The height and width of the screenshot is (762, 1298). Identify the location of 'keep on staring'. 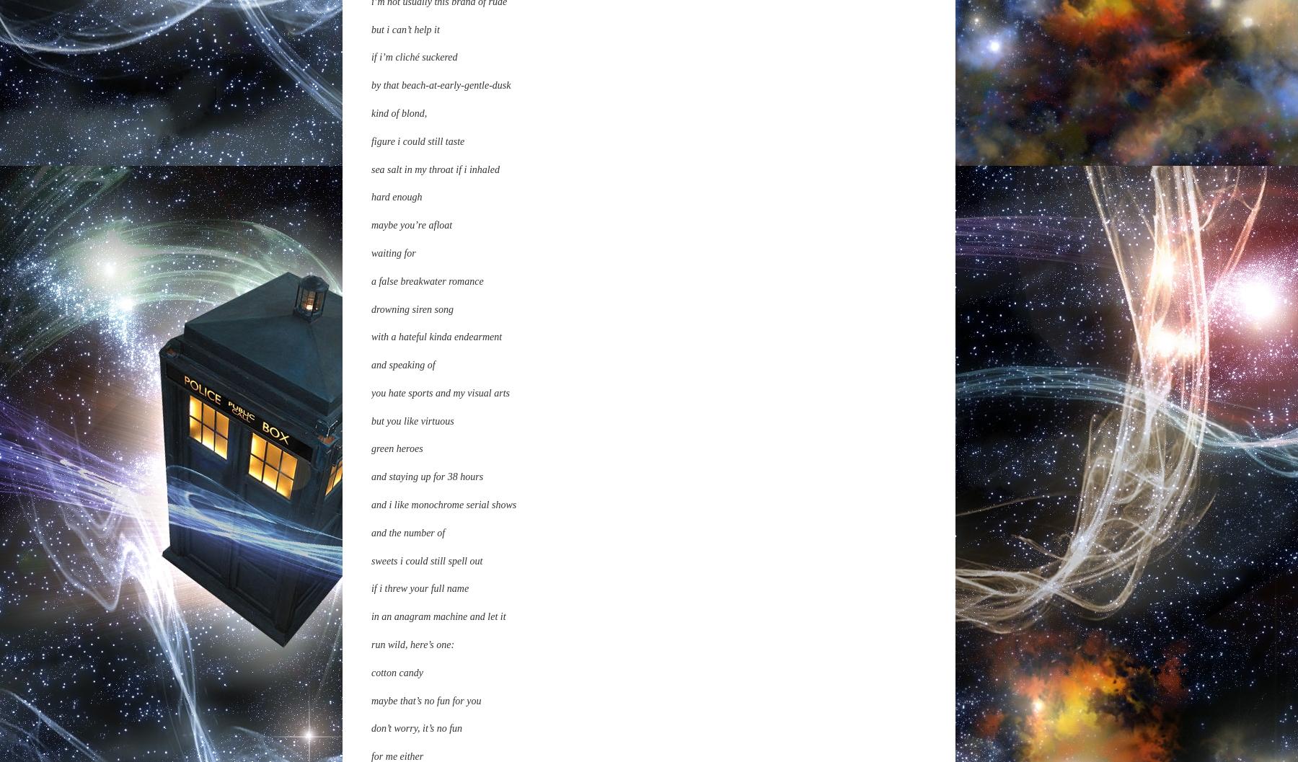
(401, 557).